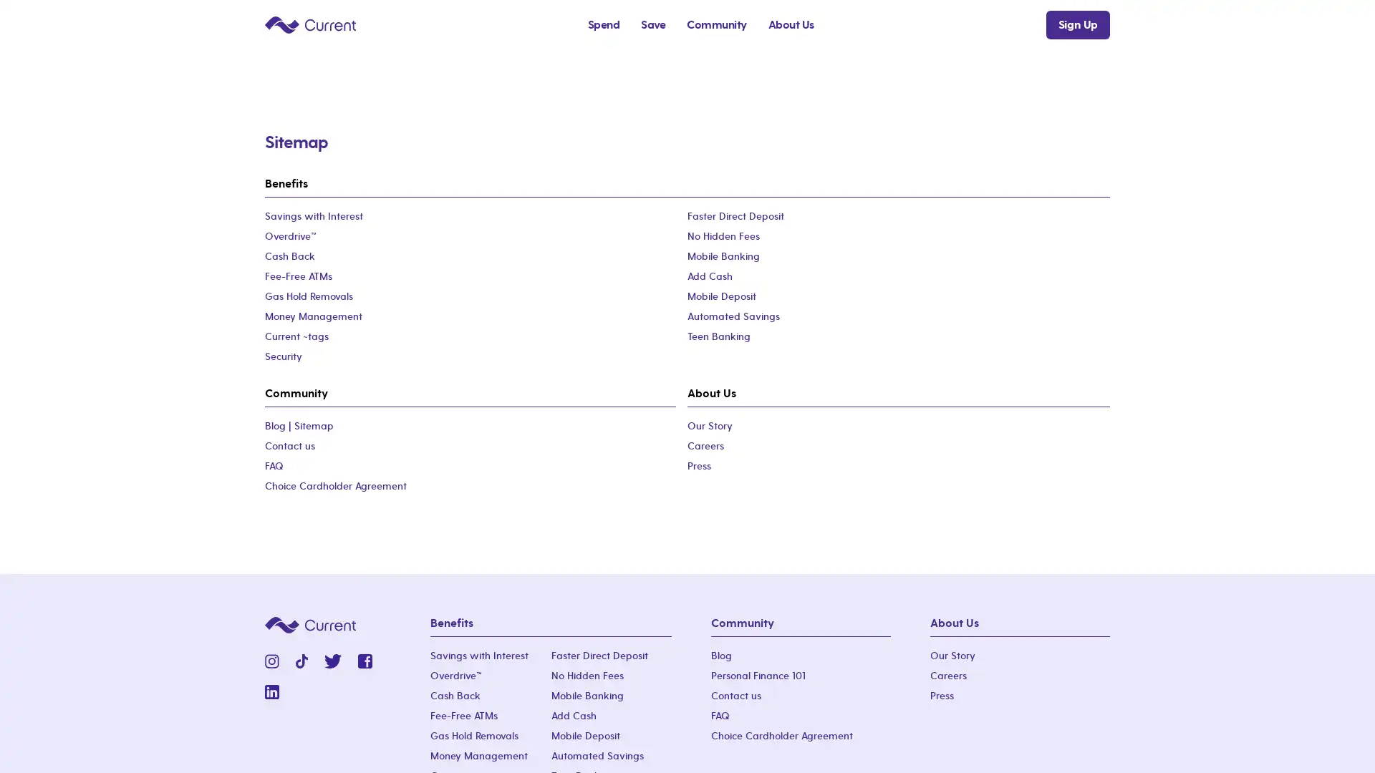 Image resolution: width=1375 pixels, height=773 pixels. What do you see at coordinates (455, 695) in the screenshot?
I see `Cash Back` at bounding box center [455, 695].